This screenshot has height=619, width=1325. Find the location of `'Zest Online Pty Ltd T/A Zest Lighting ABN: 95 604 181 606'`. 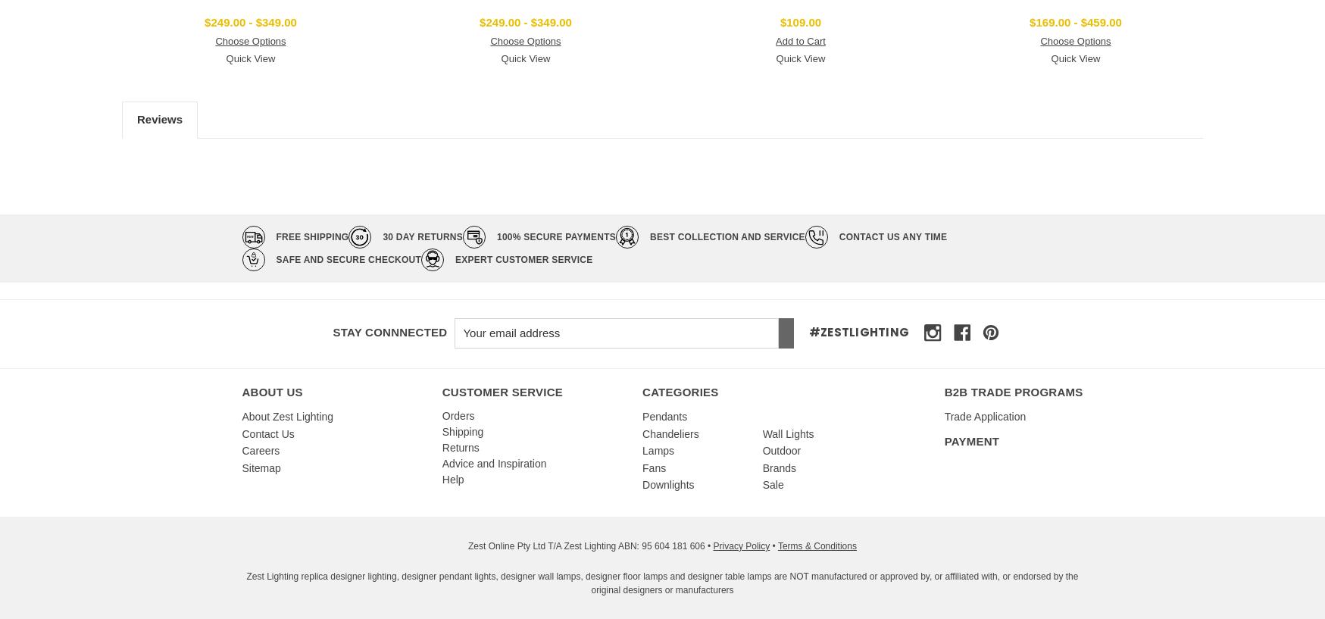

'Zest Online Pty Ltd T/A Zest Lighting ABN: 95 604 181 606' is located at coordinates (588, 545).